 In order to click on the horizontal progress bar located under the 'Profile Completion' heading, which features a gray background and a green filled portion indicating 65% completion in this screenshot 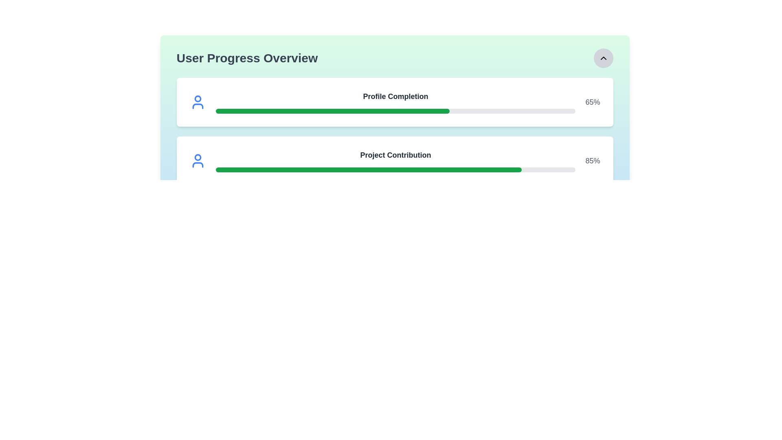, I will do `click(395, 111)`.